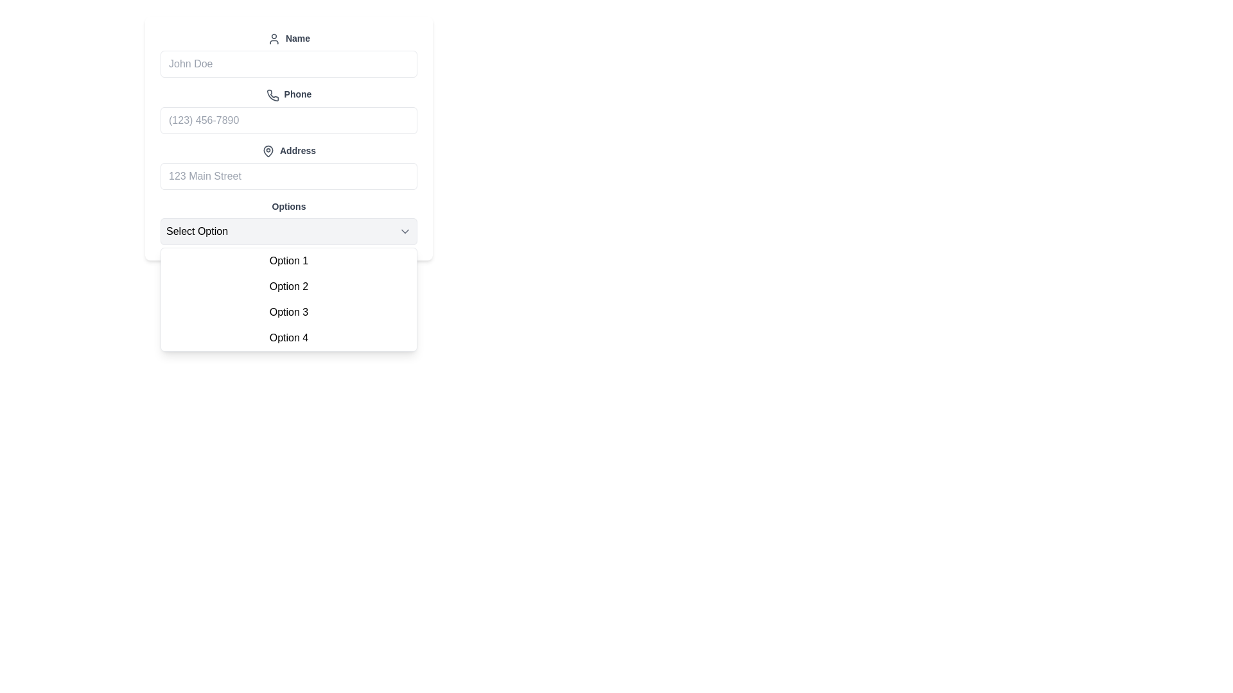 Image resolution: width=1233 pixels, height=693 pixels. I want to click on the phone number input field icon located immediately to the left of the 'Phone' label, so click(272, 94).